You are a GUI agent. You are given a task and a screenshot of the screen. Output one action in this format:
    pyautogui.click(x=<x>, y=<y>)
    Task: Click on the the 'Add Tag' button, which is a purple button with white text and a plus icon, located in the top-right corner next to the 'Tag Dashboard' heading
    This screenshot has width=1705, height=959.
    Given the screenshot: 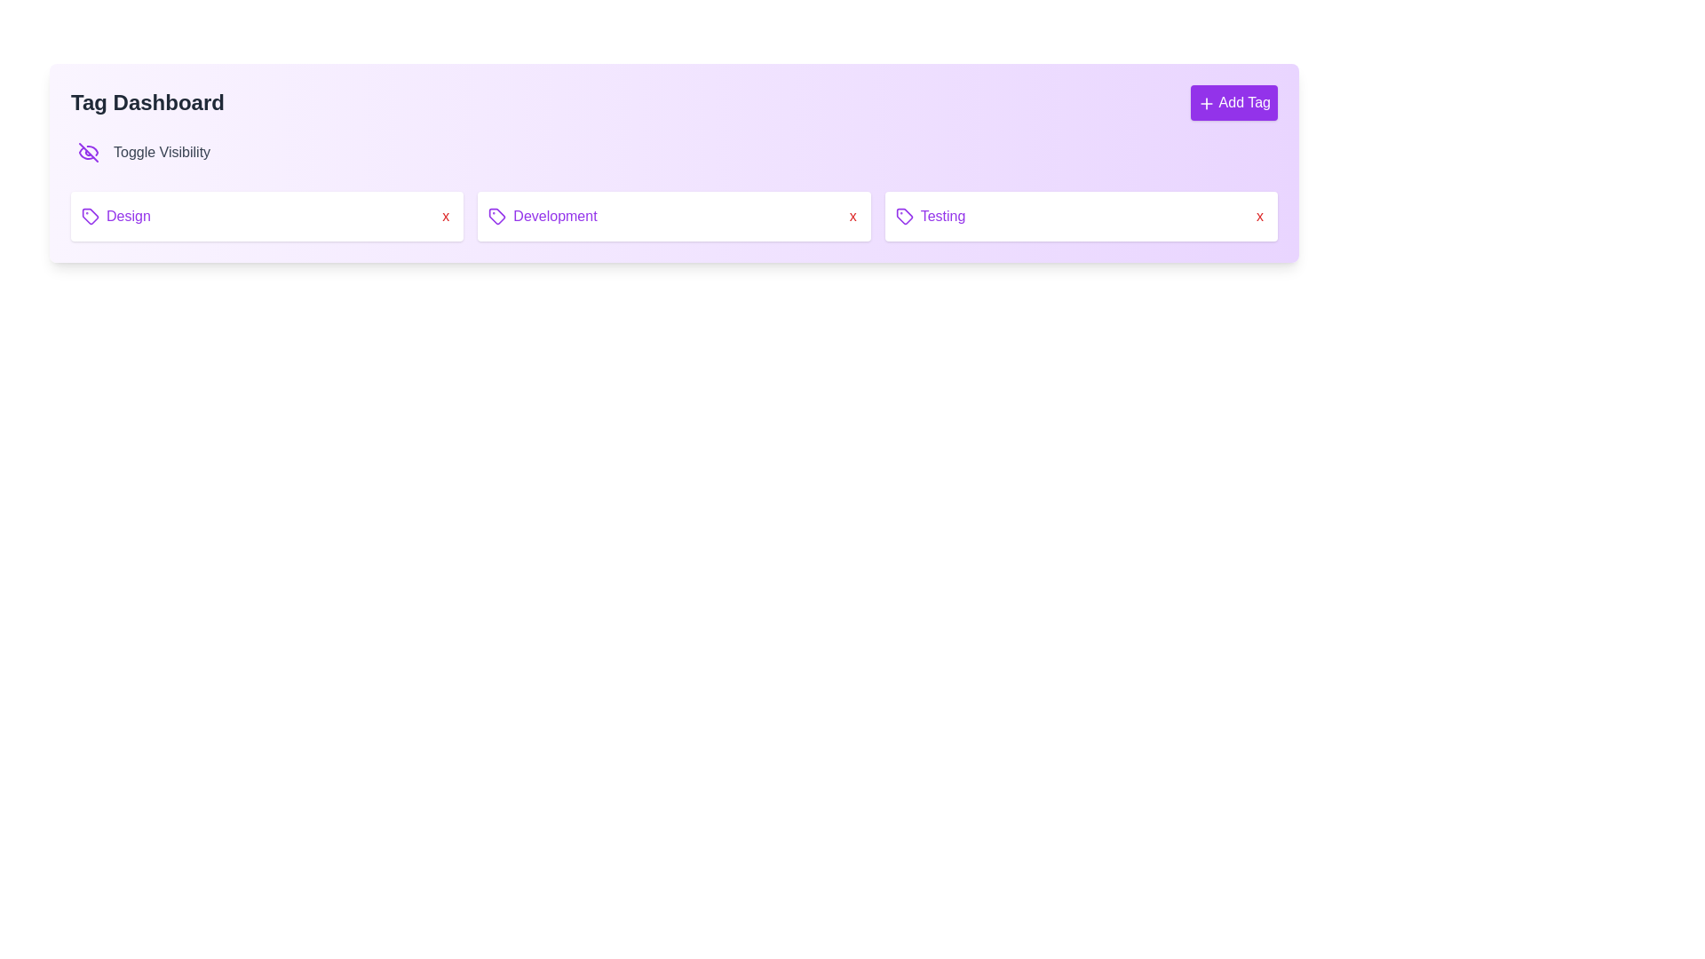 What is the action you would take?
    pyautogui.click(x=1233, y=102)
    